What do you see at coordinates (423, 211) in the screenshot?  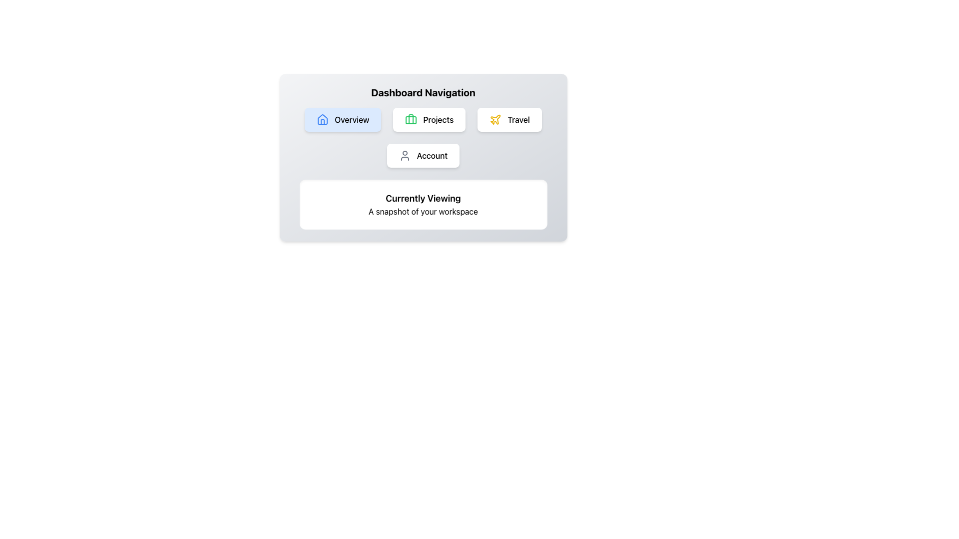 I see `descriptive text label located below the 'Currently Viewing' heading, which provides context or summary information` at bounding box center [423, 211].